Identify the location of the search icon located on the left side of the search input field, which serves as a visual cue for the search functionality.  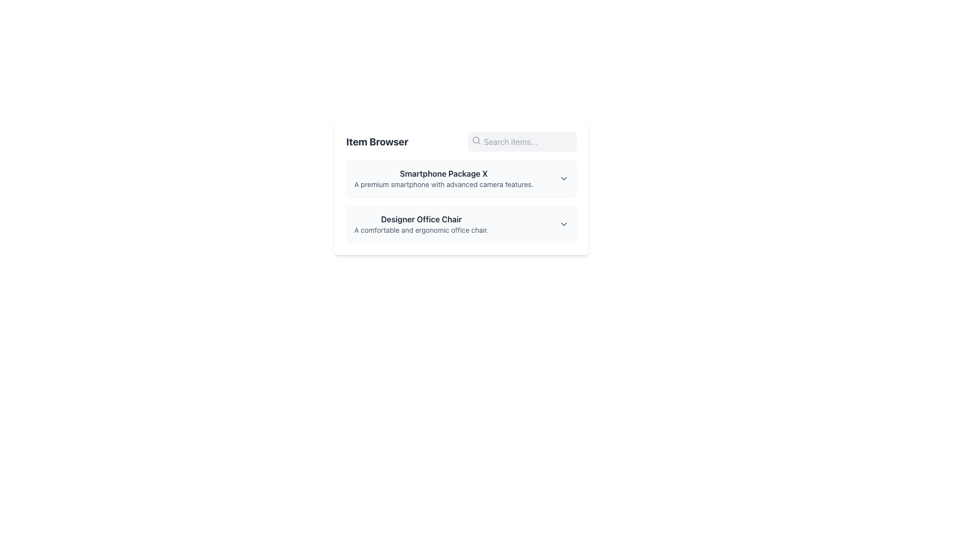
(476, 140).